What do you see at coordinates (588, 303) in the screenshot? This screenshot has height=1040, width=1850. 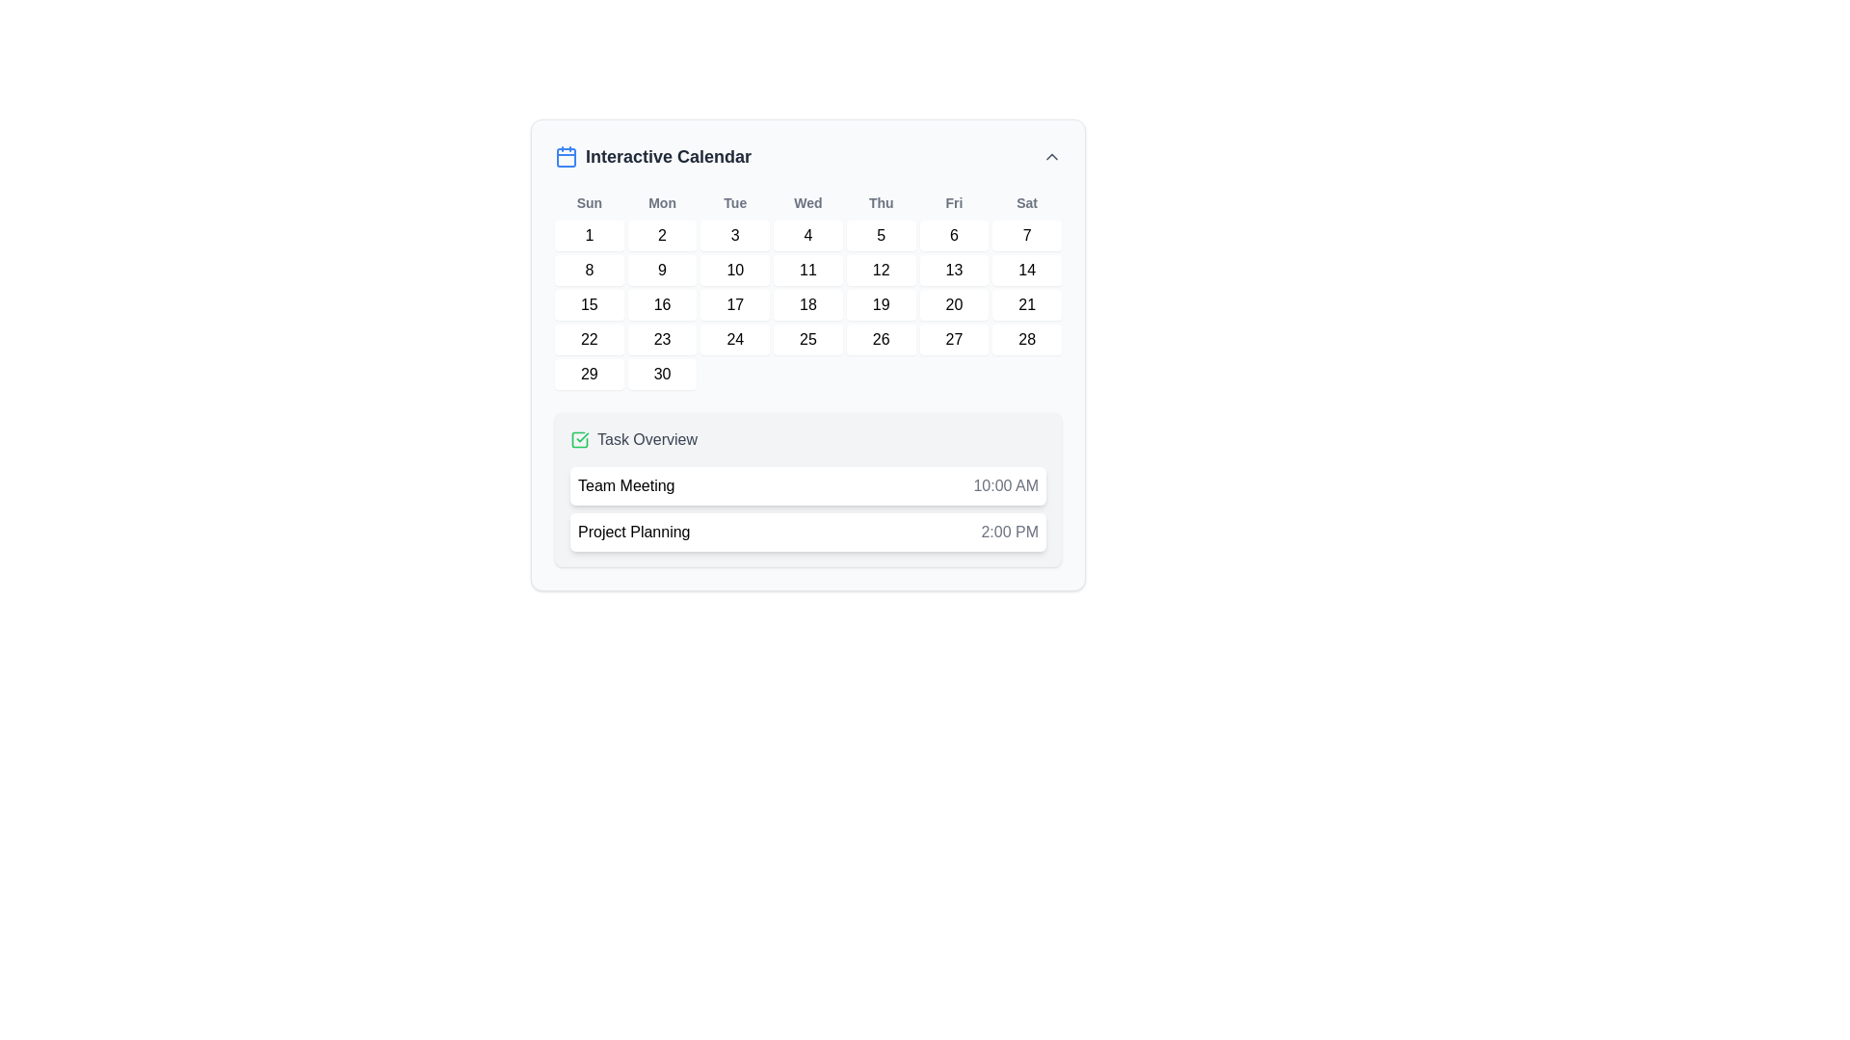 I see `the calendar button representing the date '15'` at bounding box center [588, 303].